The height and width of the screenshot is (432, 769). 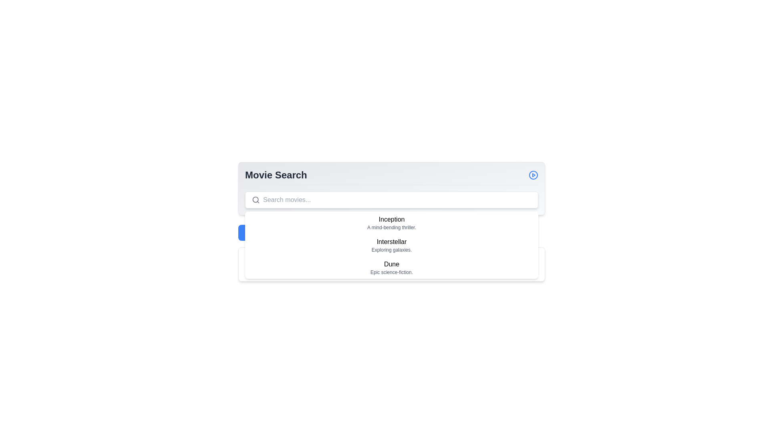 I want to click on the outer circle of the play button icon located at the top-right corner of the application interface, so click(x=533, y=175).